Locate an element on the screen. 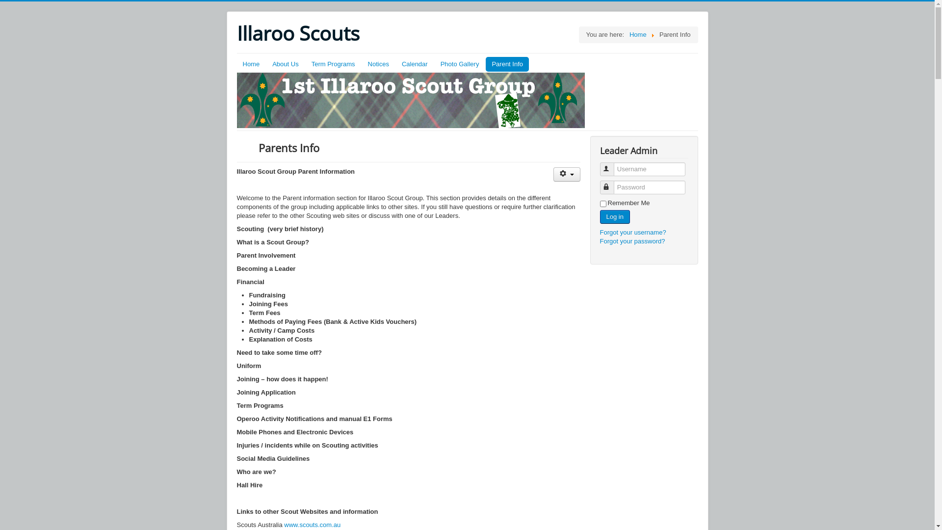  'Log in' is located at coordinates (614, 216).